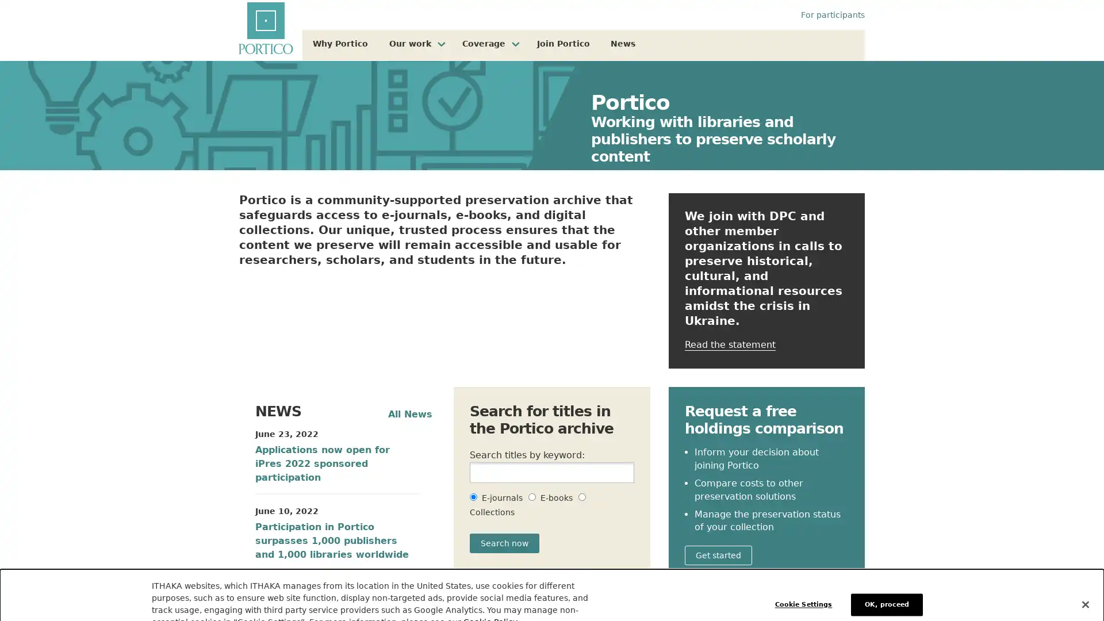 This screenshot has width=1104, height=621. I want to click on Search now, so click(504, 543).